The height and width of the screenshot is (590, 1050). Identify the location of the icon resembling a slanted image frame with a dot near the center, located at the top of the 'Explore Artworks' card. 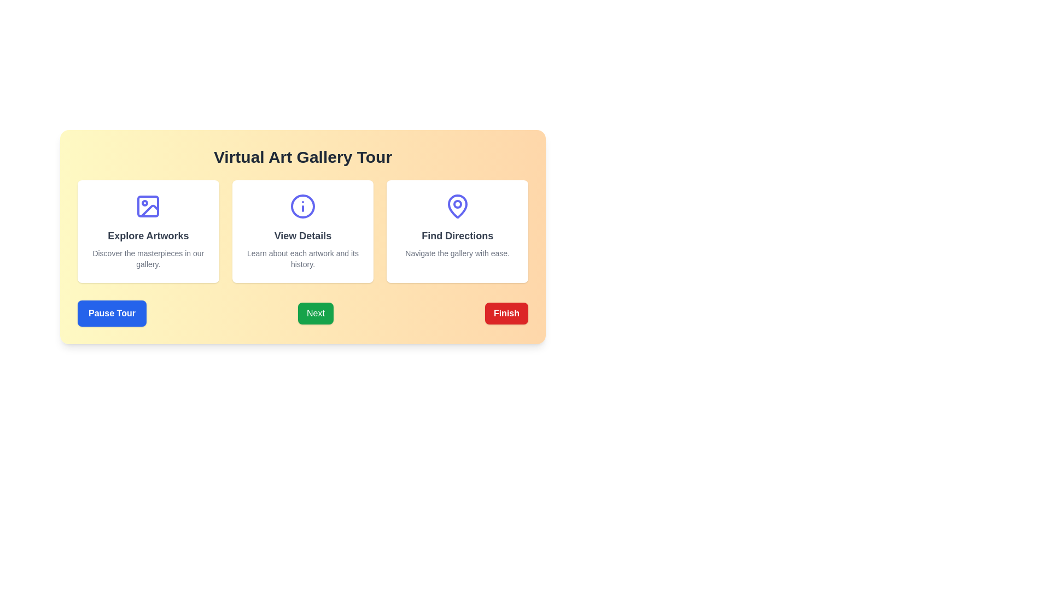
(149, 211).